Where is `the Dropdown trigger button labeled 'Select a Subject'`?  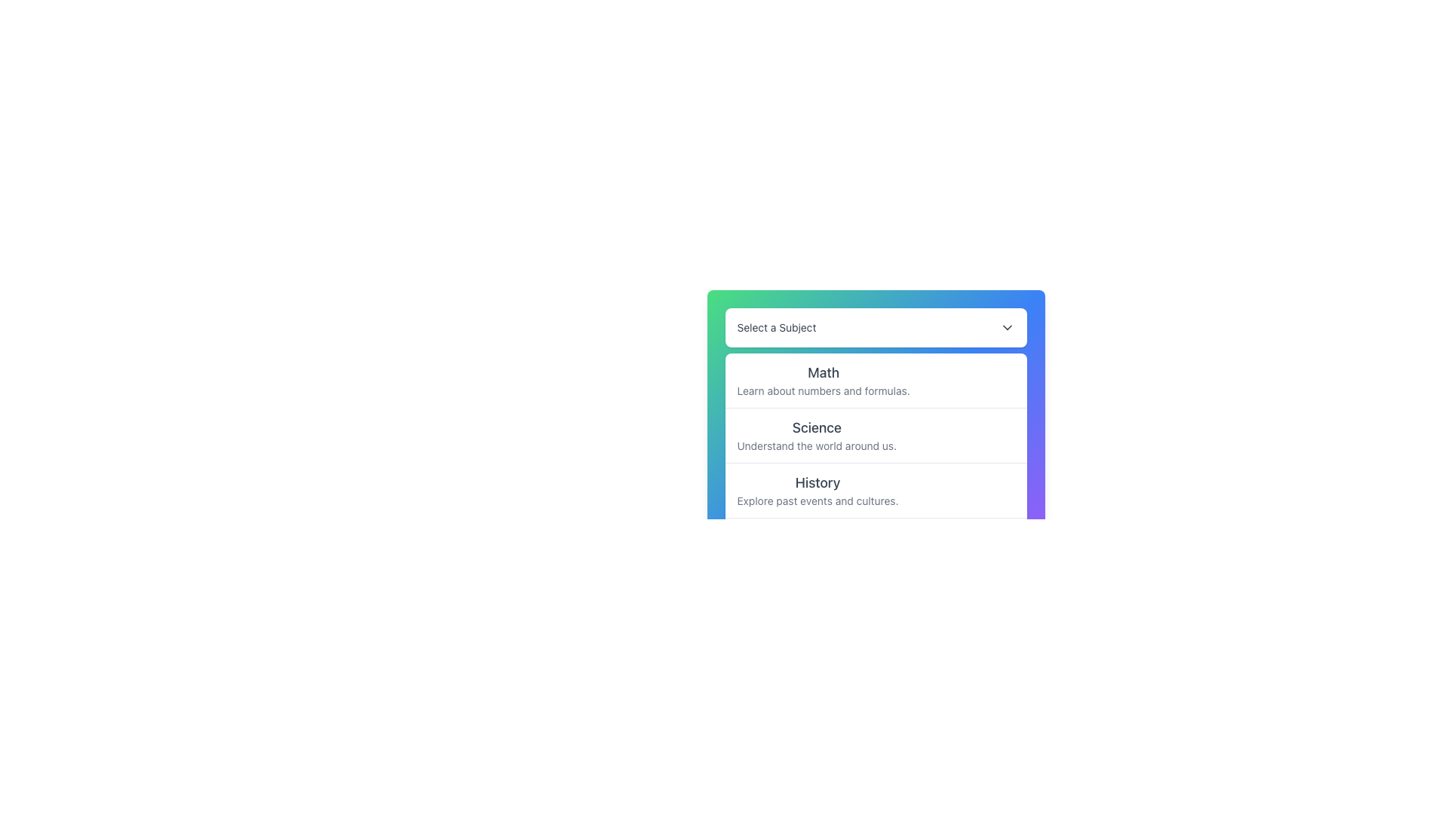
the Dropdown trigger button labeled 'Select a Subject' is located at coordinates (876, 327).